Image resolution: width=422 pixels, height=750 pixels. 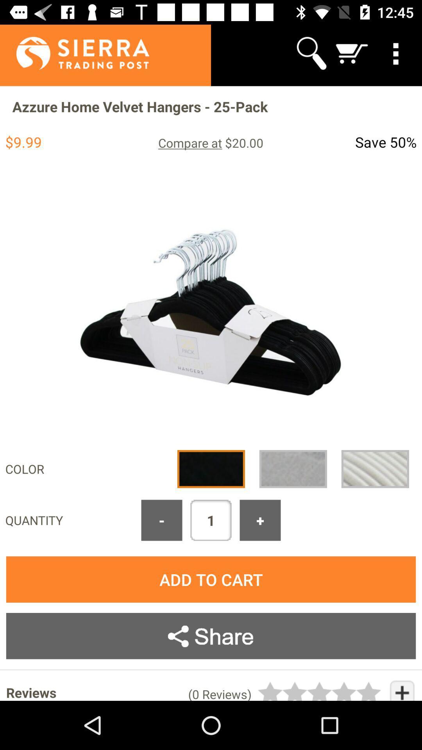 I want to click on share option, so click(x=211, y=636).